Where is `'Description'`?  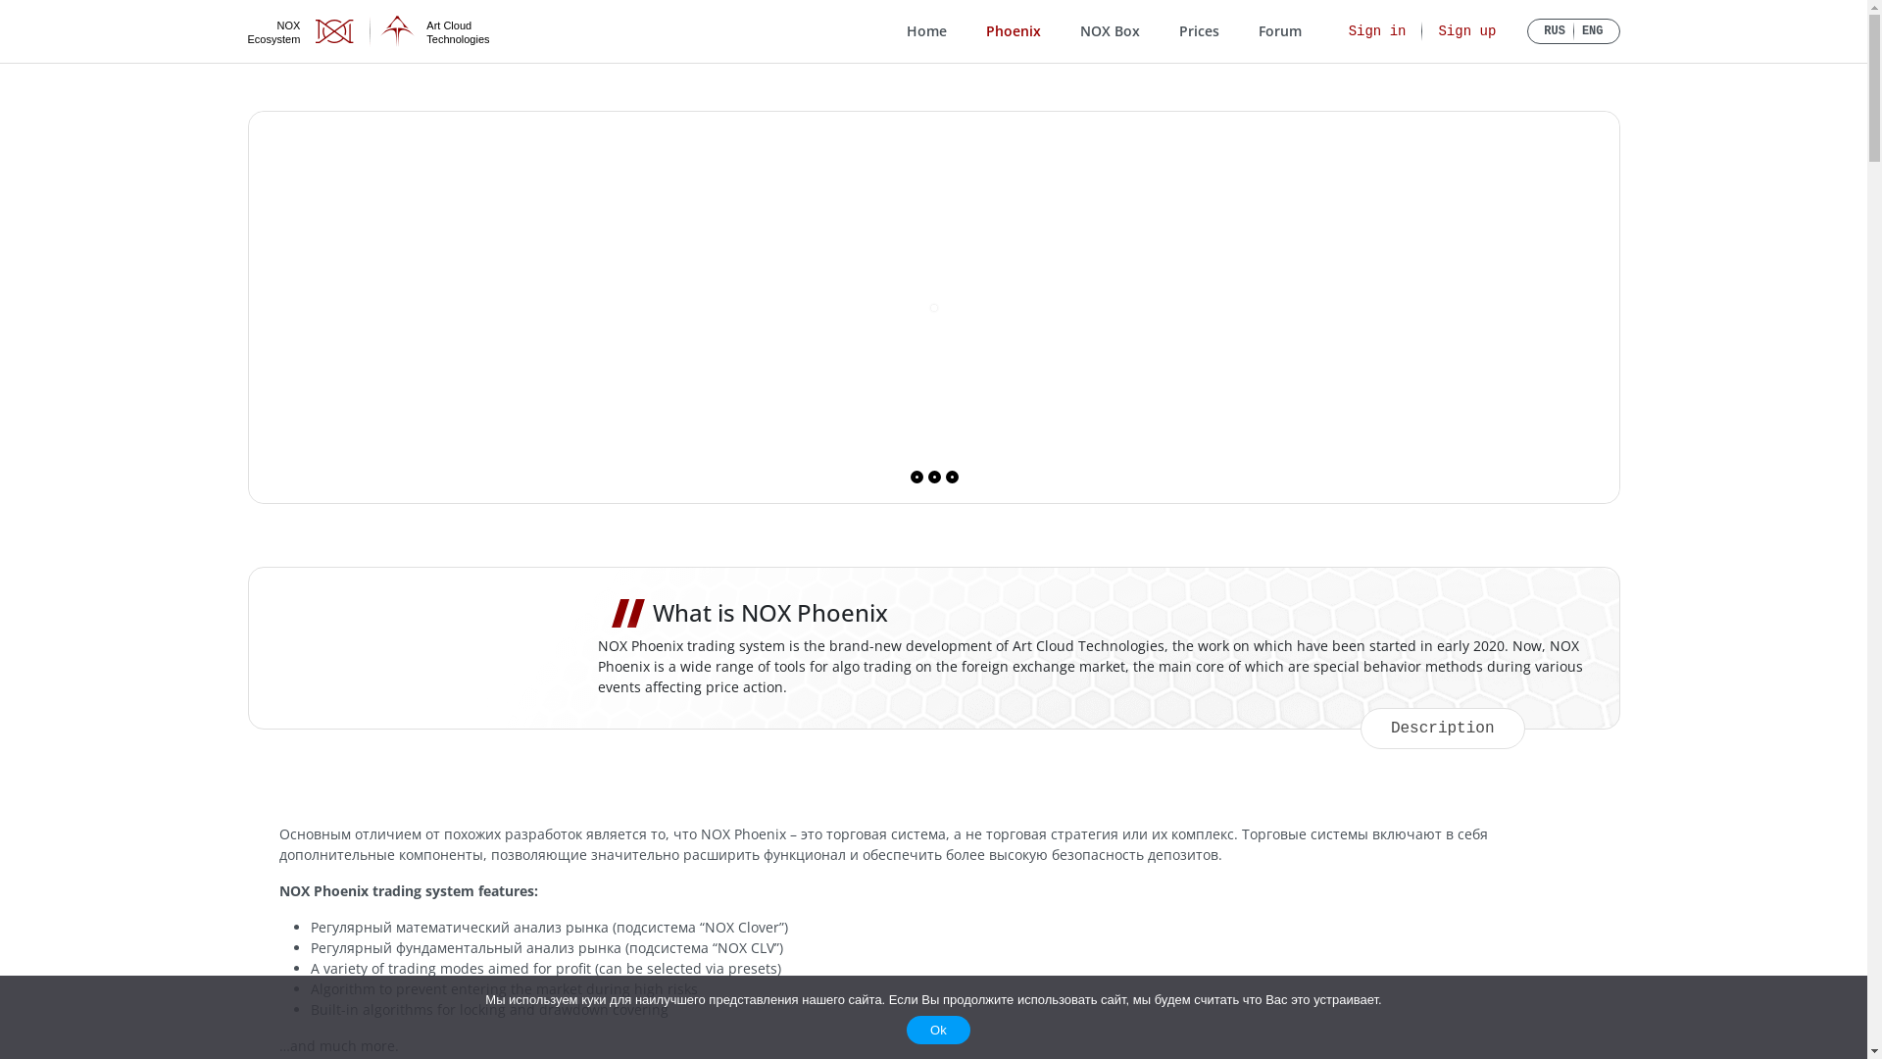
'Description' is located at coordinates (1443, 729).